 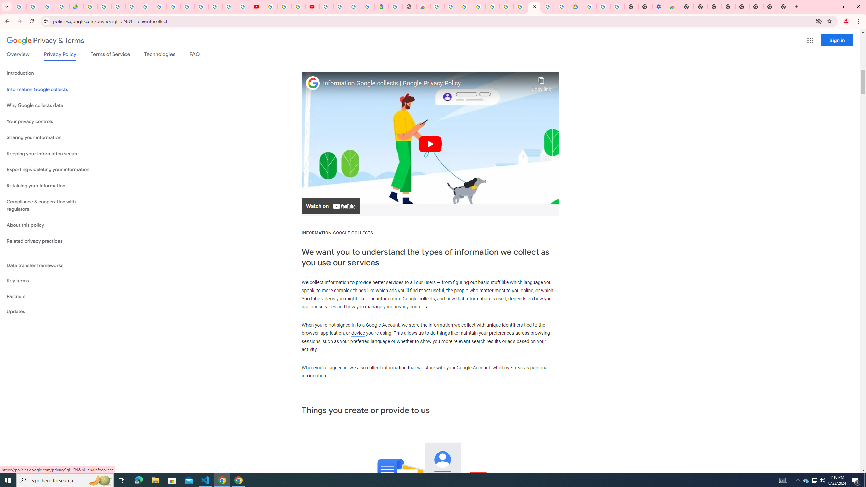 I want to click on 'Sharing your information', so click(x=51, y=137).